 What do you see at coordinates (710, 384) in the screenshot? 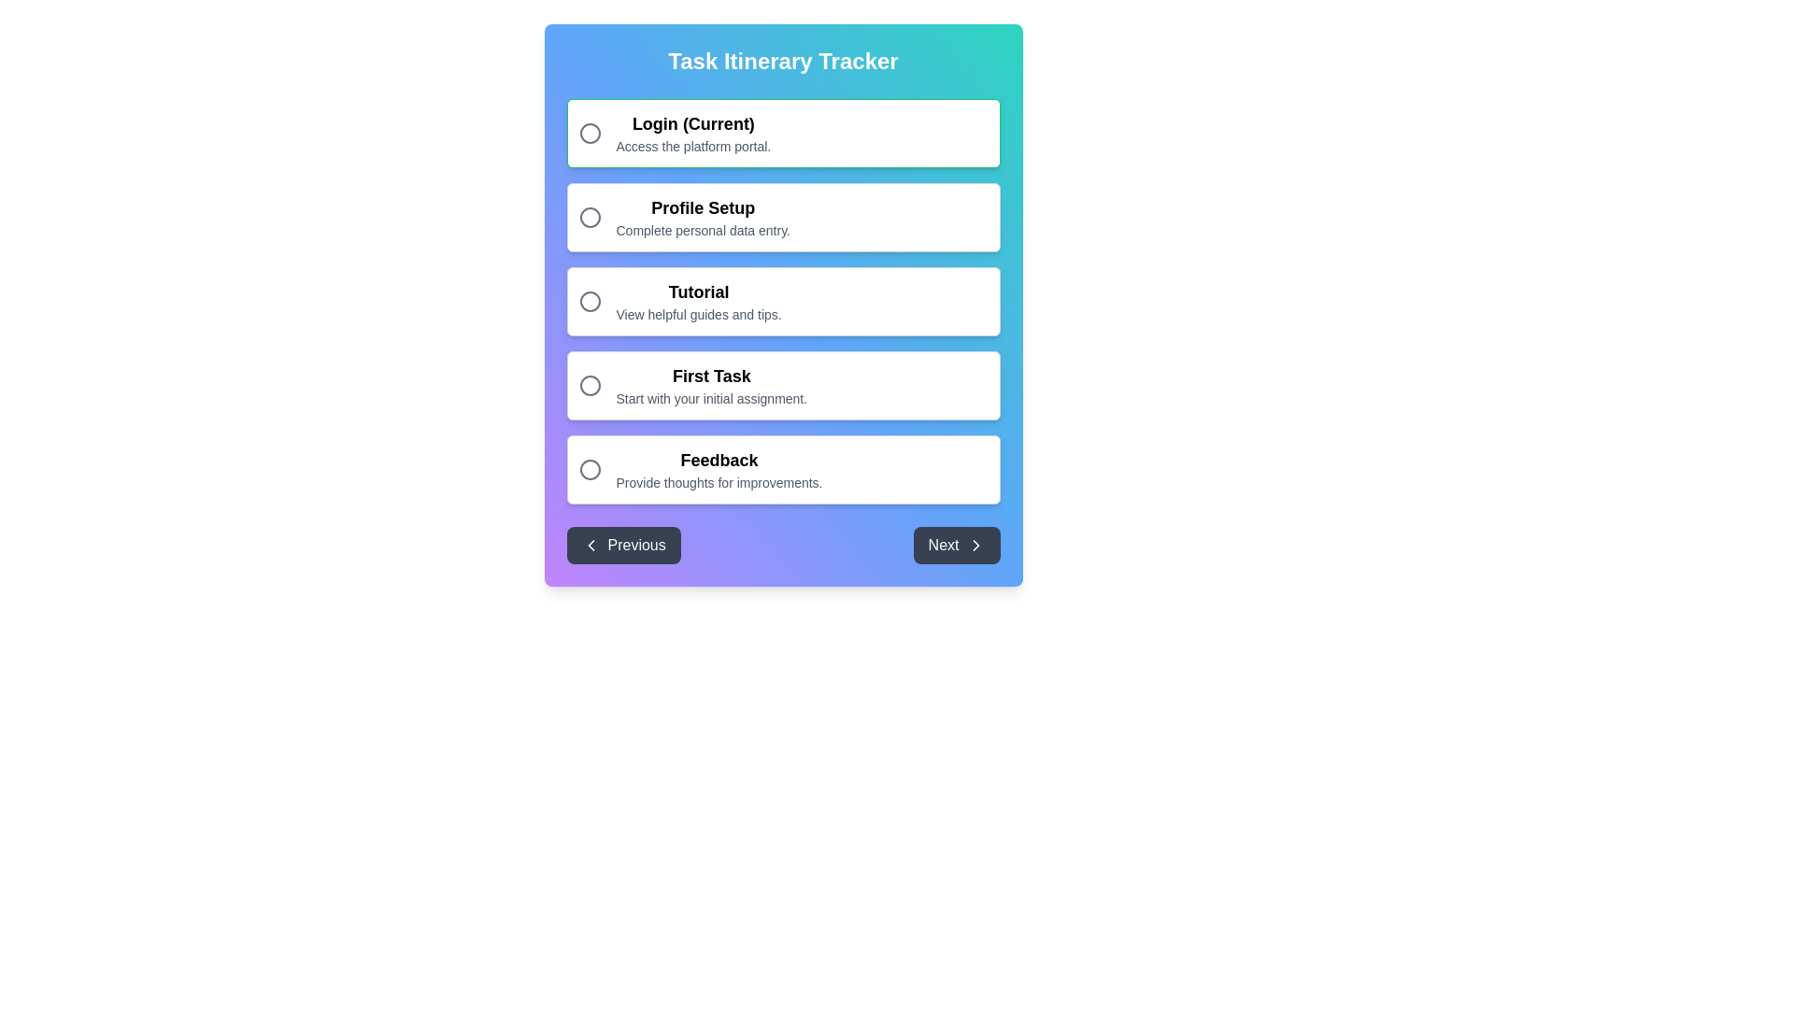
I see `displayed text from the task card element in the 'Task Itinerary Tracker', which is located in the third row, positioned below the 'Tutorial' task and above the 'Feedback' task` at bounding box center [710, 384].